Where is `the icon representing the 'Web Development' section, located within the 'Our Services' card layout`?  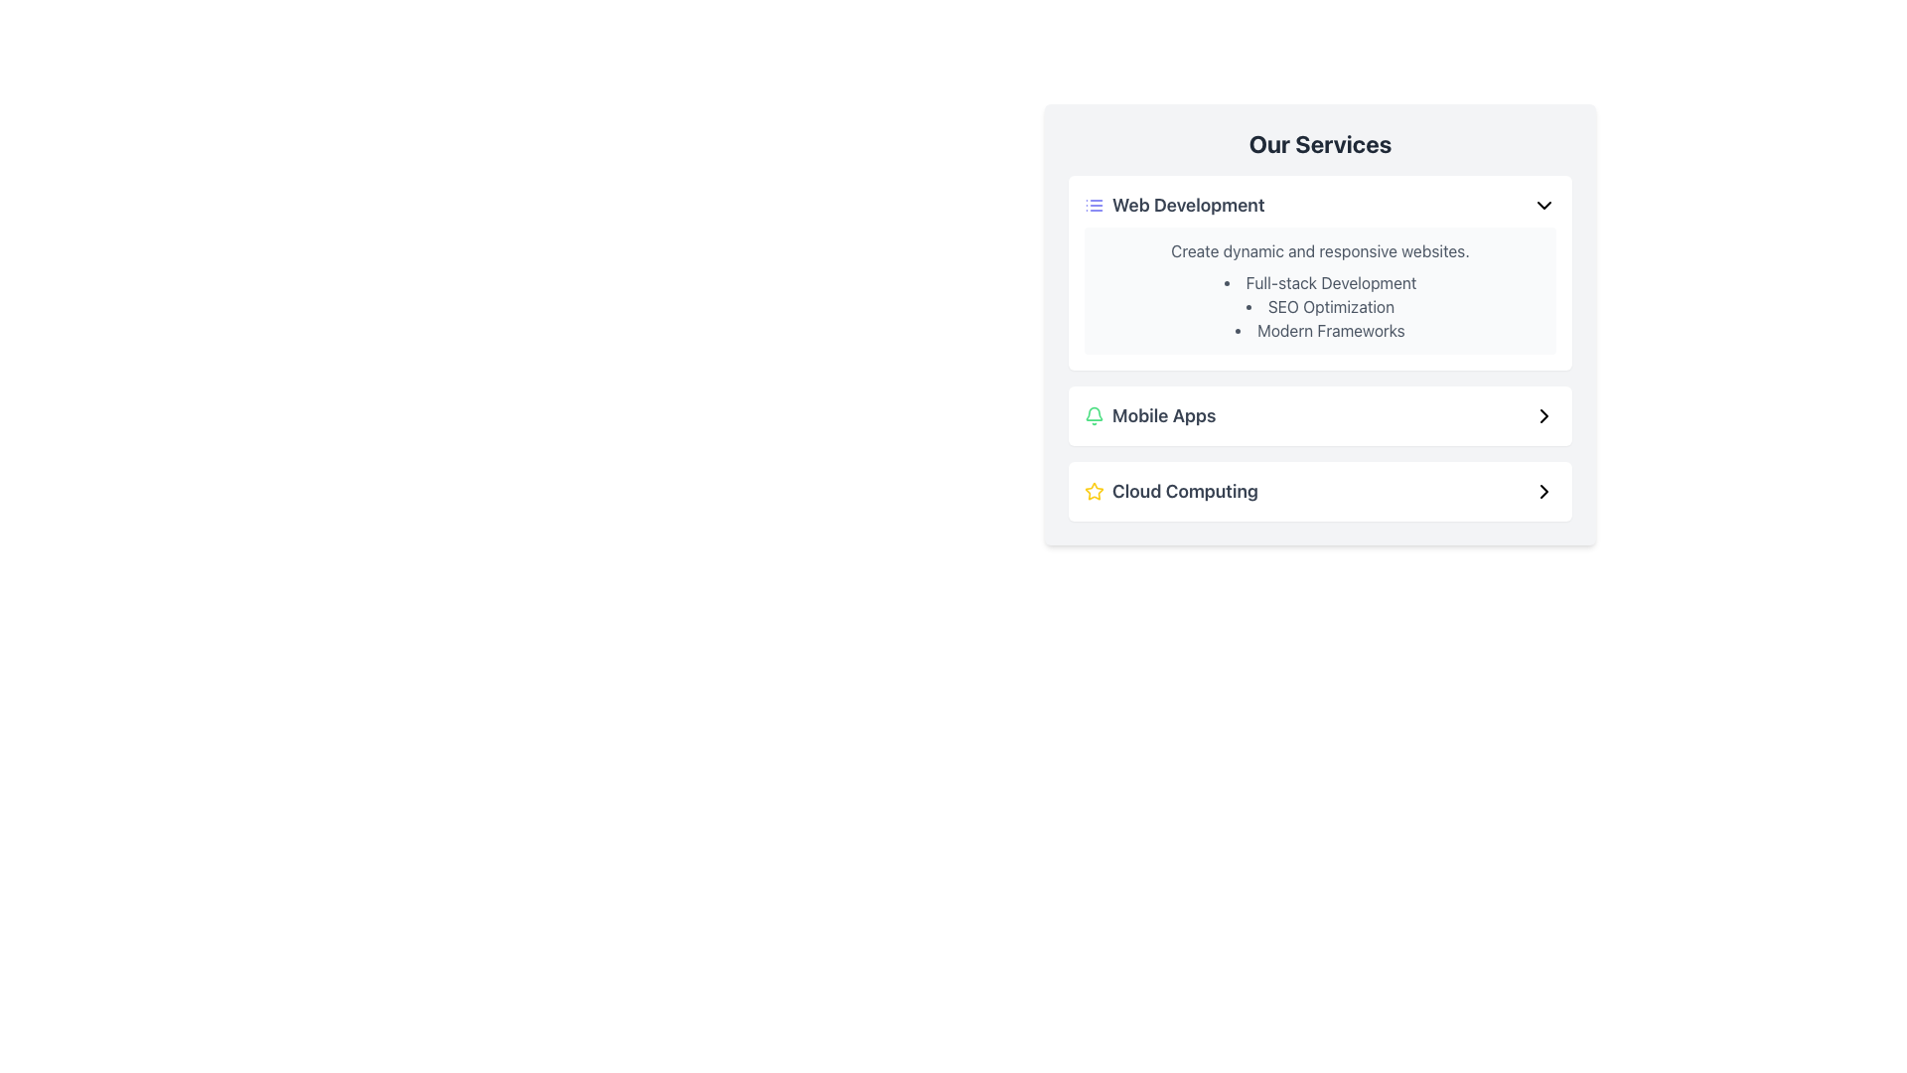
the icon representing the 'Web Development' section, located within the 'Our Services' card layout is located at coordinates (1094, 206).